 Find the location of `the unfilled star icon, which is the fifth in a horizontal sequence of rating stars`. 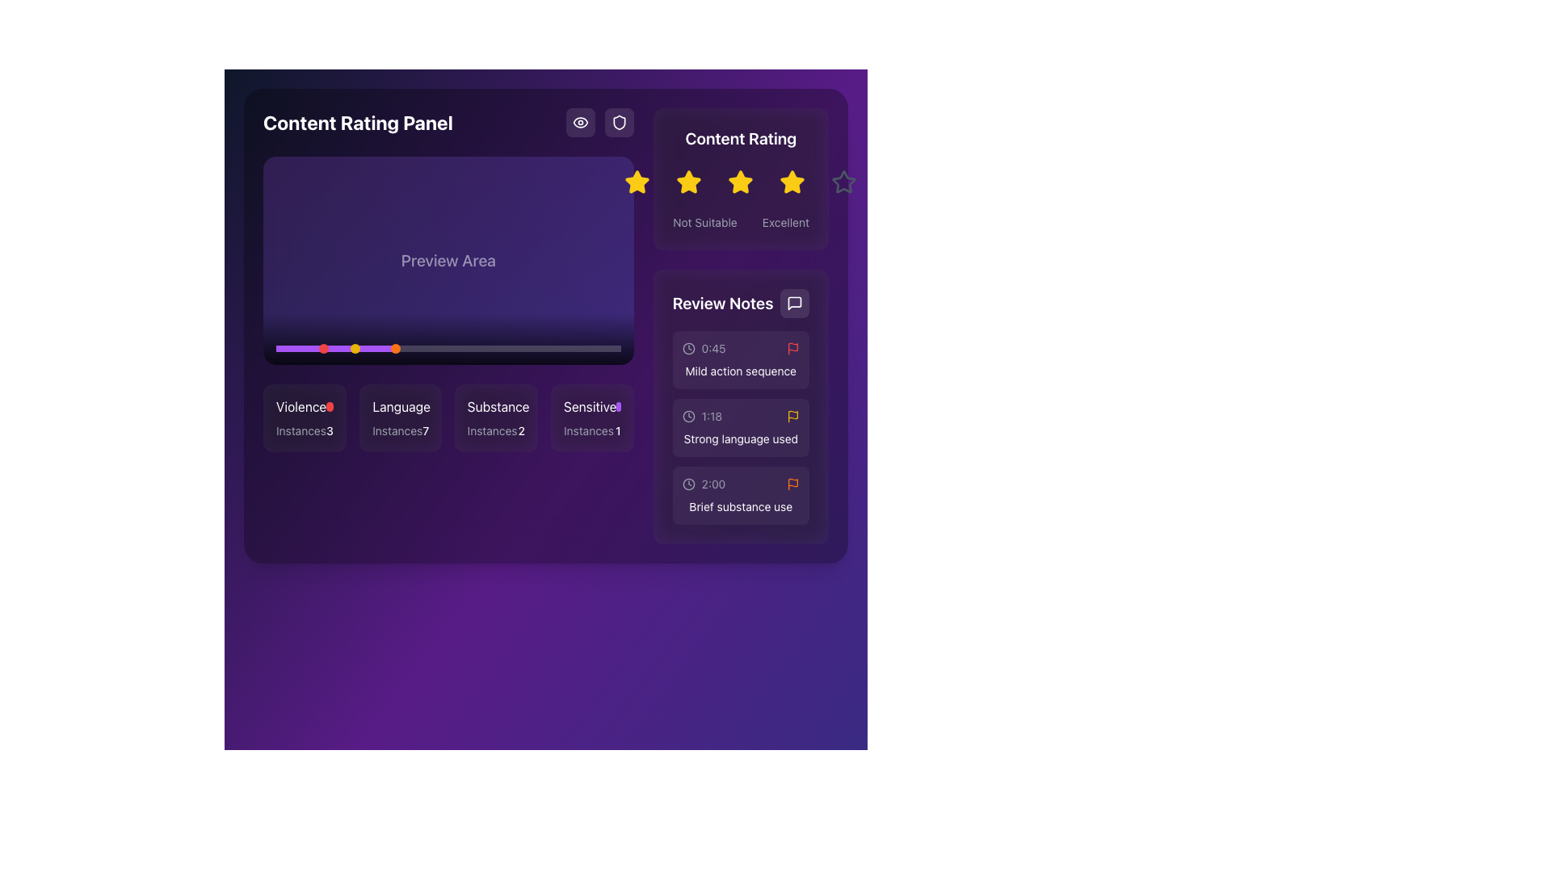

the unfilled star icon, which is the fifth in a horizontal sequence of rating stars is located at coordinates (843, 182).